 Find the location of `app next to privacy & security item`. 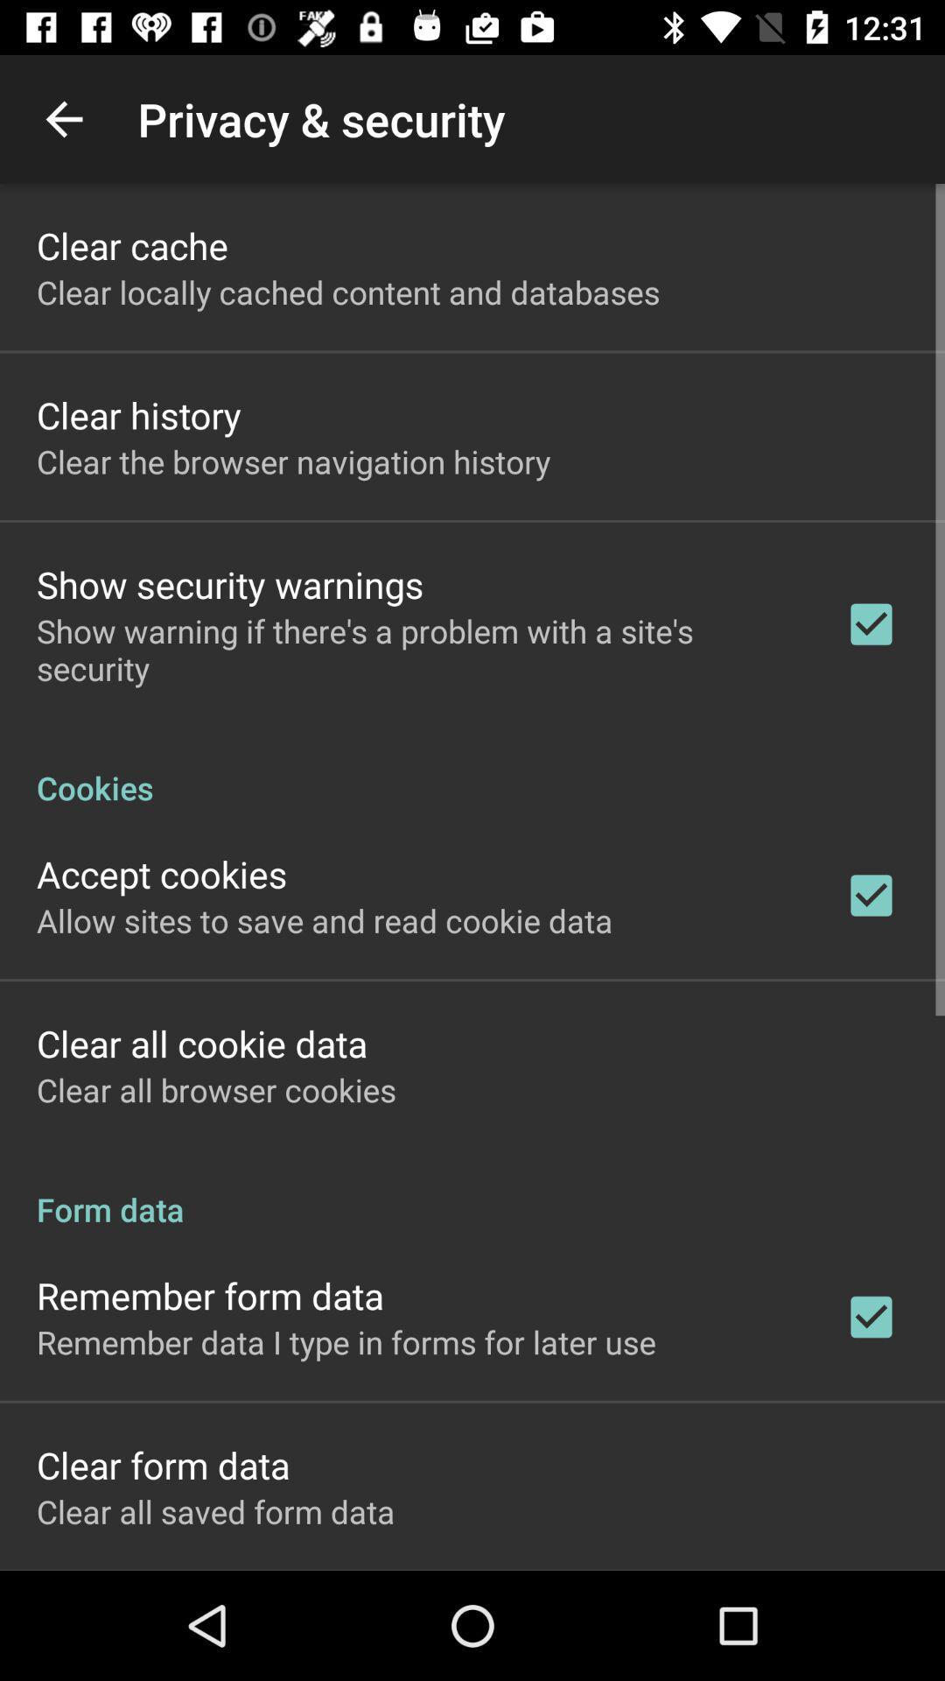

app next to privacy & security item is located at coordinates (63, 118).